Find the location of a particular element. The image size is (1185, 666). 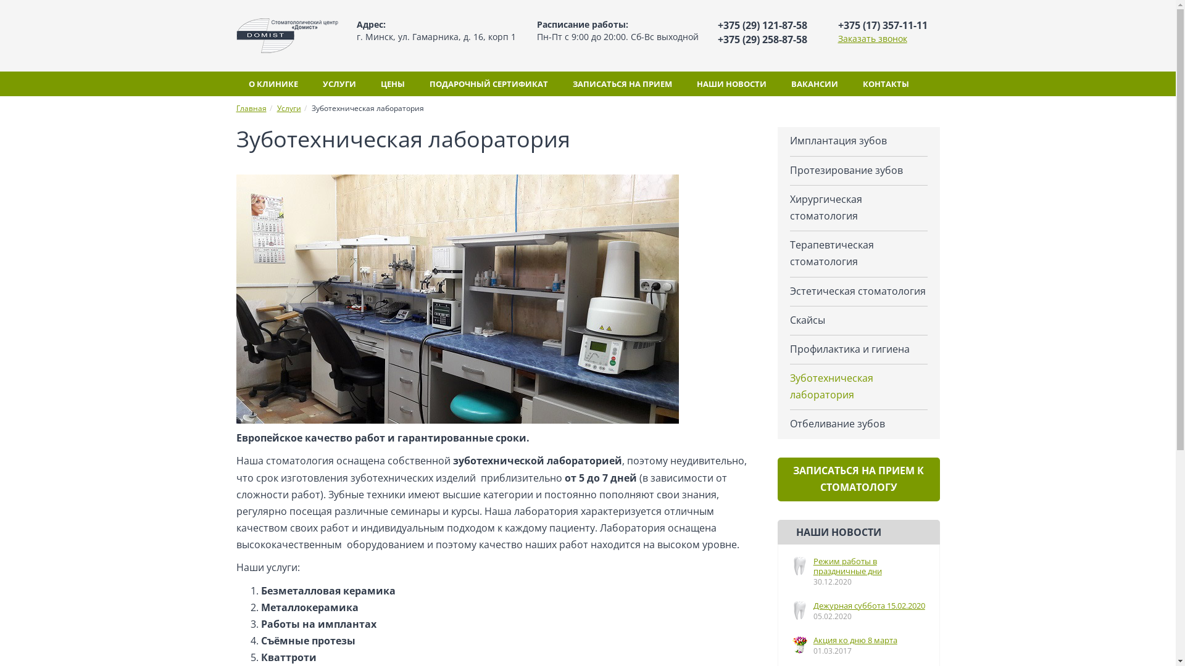

'+375 (29) 121-87-58' is located at coordinates (761, 25).